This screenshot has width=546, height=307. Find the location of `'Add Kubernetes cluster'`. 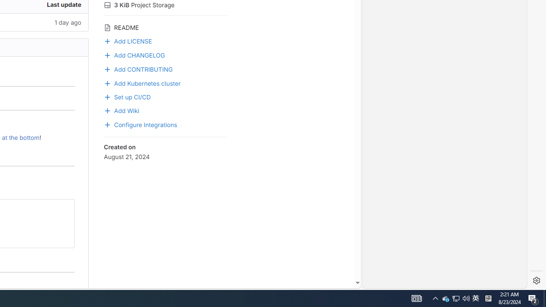

'Add Kubernetes cluster' is located at coordinates (165, 83).